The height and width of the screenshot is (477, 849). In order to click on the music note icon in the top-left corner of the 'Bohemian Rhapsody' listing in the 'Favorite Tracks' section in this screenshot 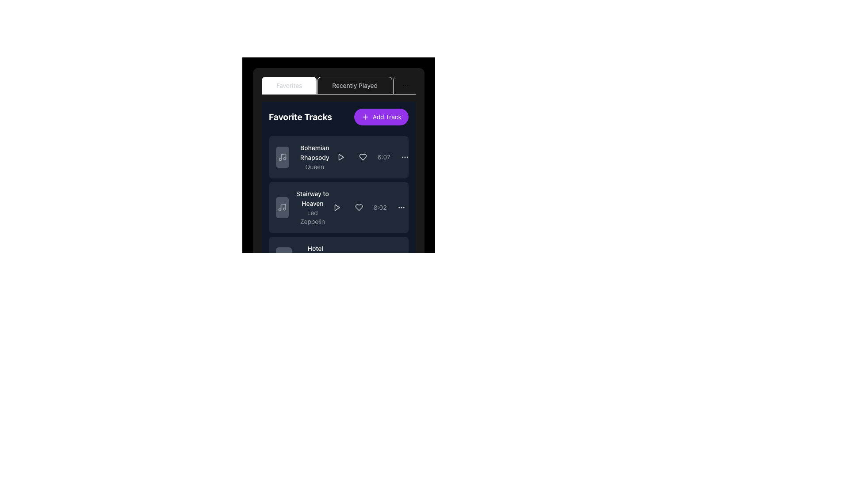, I will do `click(282, 156)`.